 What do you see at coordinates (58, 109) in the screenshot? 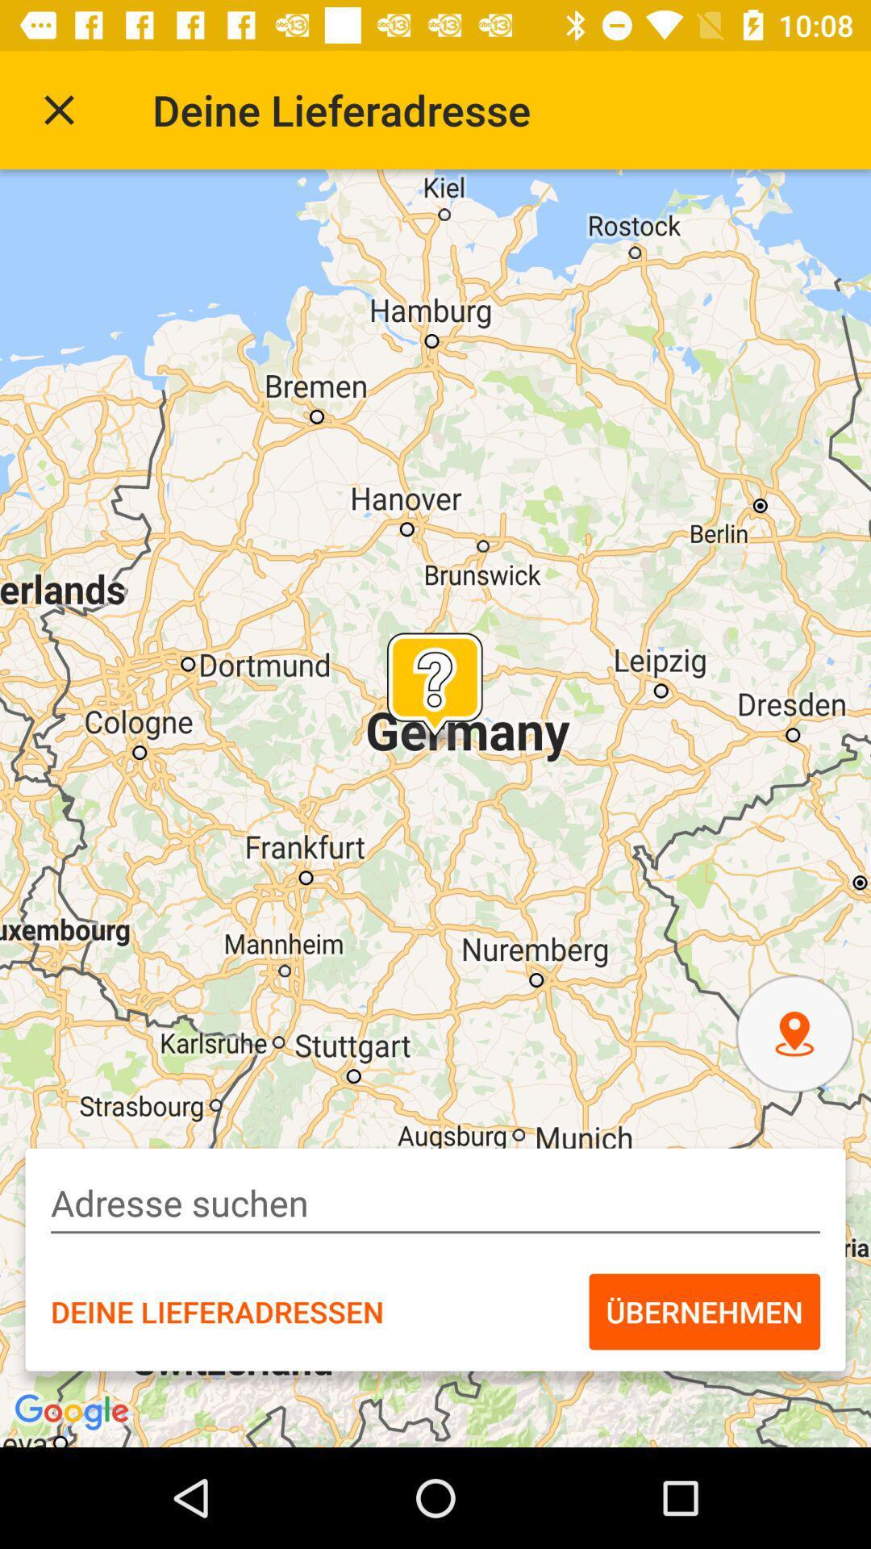
I see `exit screen` at bounding box center [58, 109].